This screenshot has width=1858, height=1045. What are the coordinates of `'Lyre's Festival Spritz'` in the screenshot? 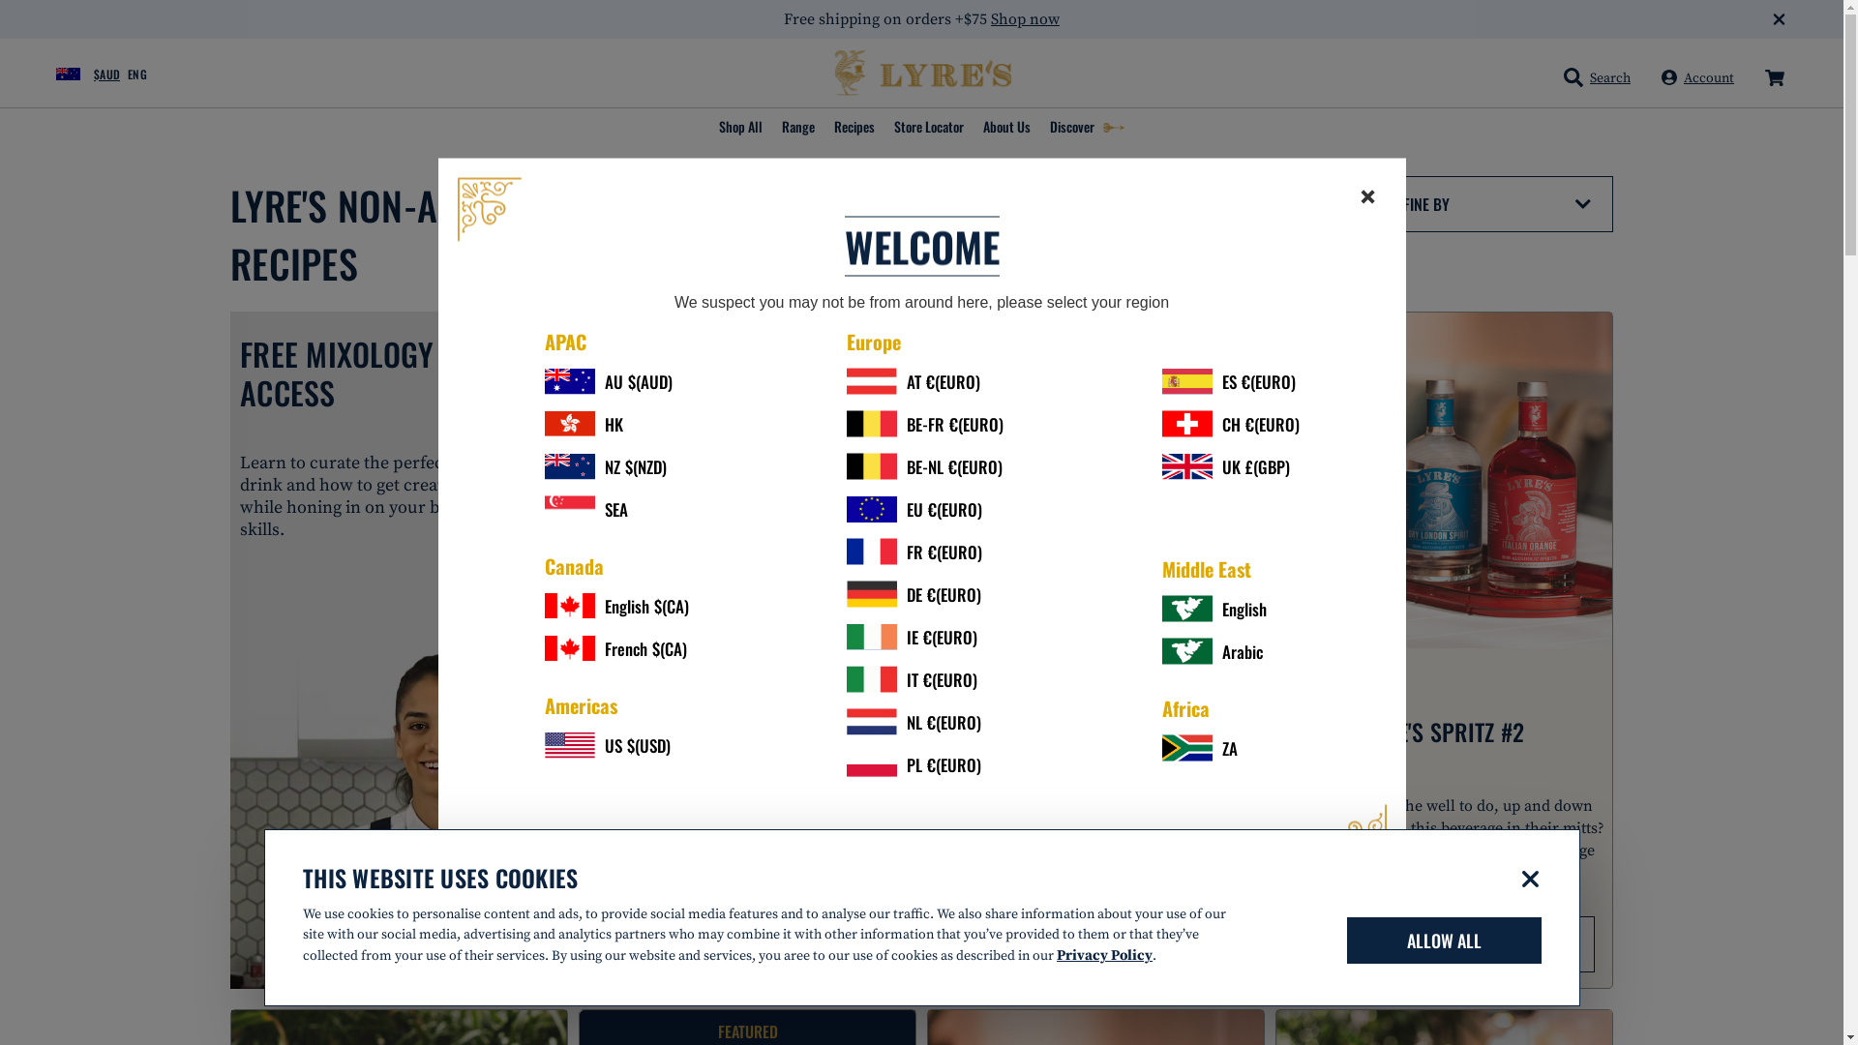 It's located at (746, 479).